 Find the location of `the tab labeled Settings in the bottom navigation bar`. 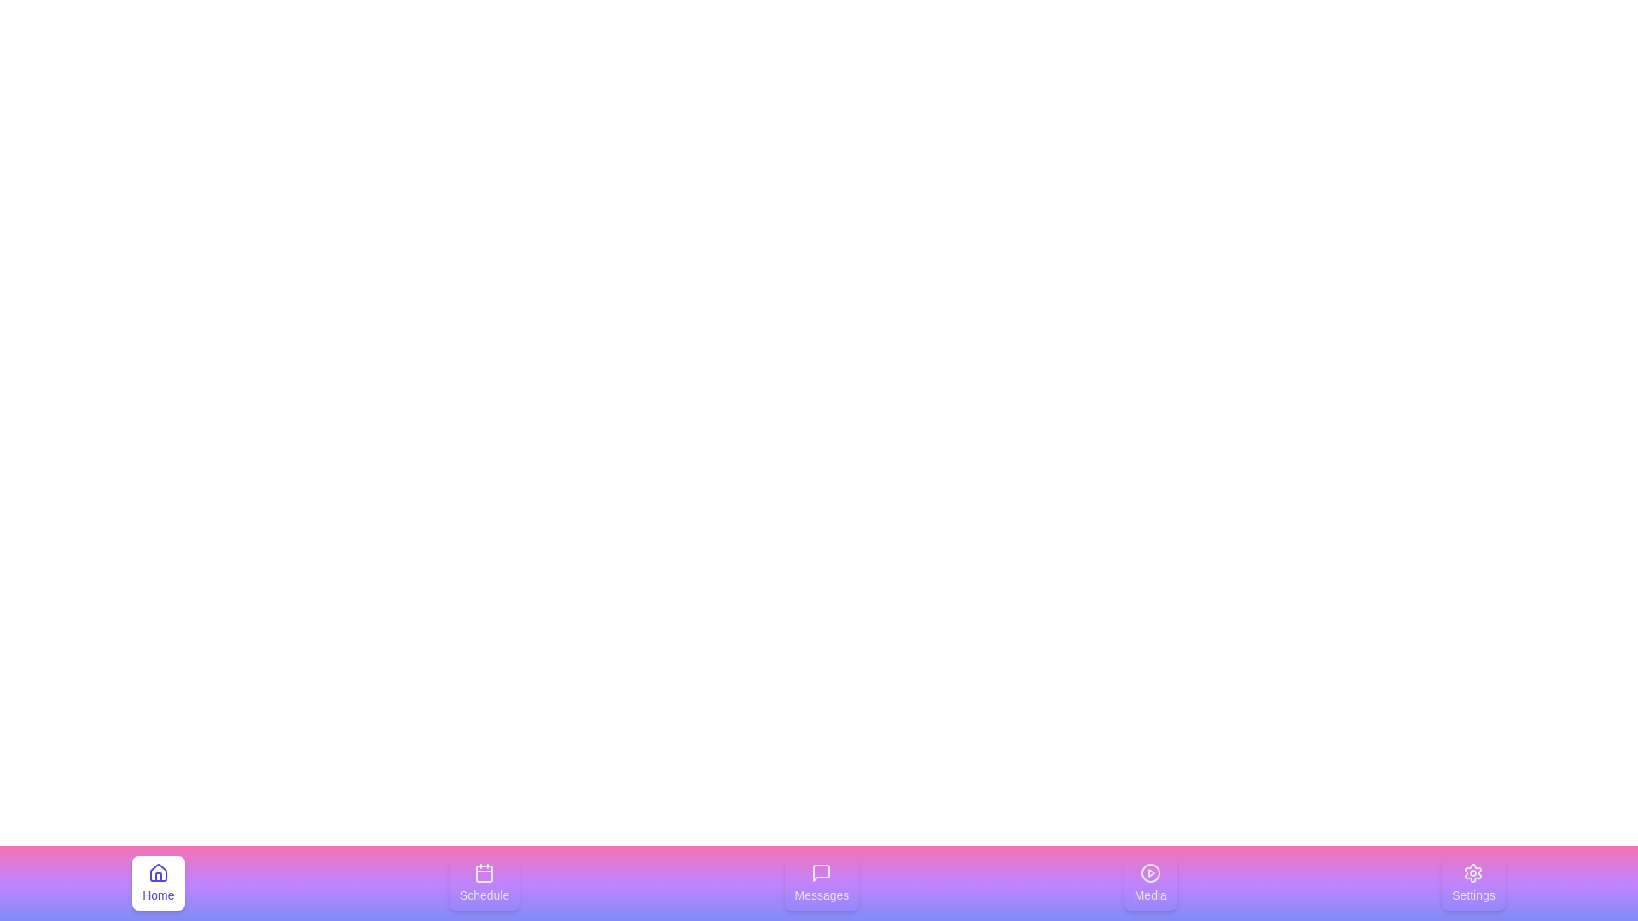

the tab labeled Settings in the bottom navigation bar is located at coordinates (1472, 883).